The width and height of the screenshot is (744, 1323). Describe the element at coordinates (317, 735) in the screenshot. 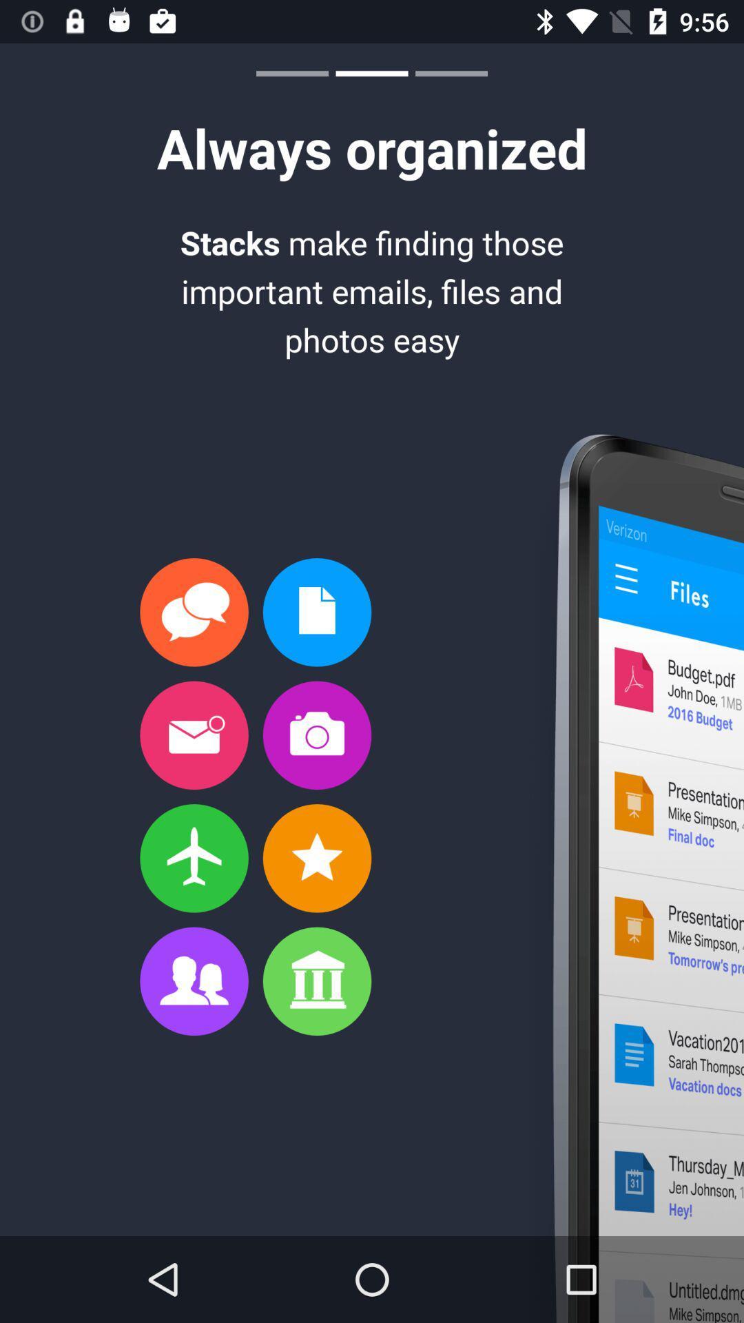

I see `a camera button on a page` at that location.